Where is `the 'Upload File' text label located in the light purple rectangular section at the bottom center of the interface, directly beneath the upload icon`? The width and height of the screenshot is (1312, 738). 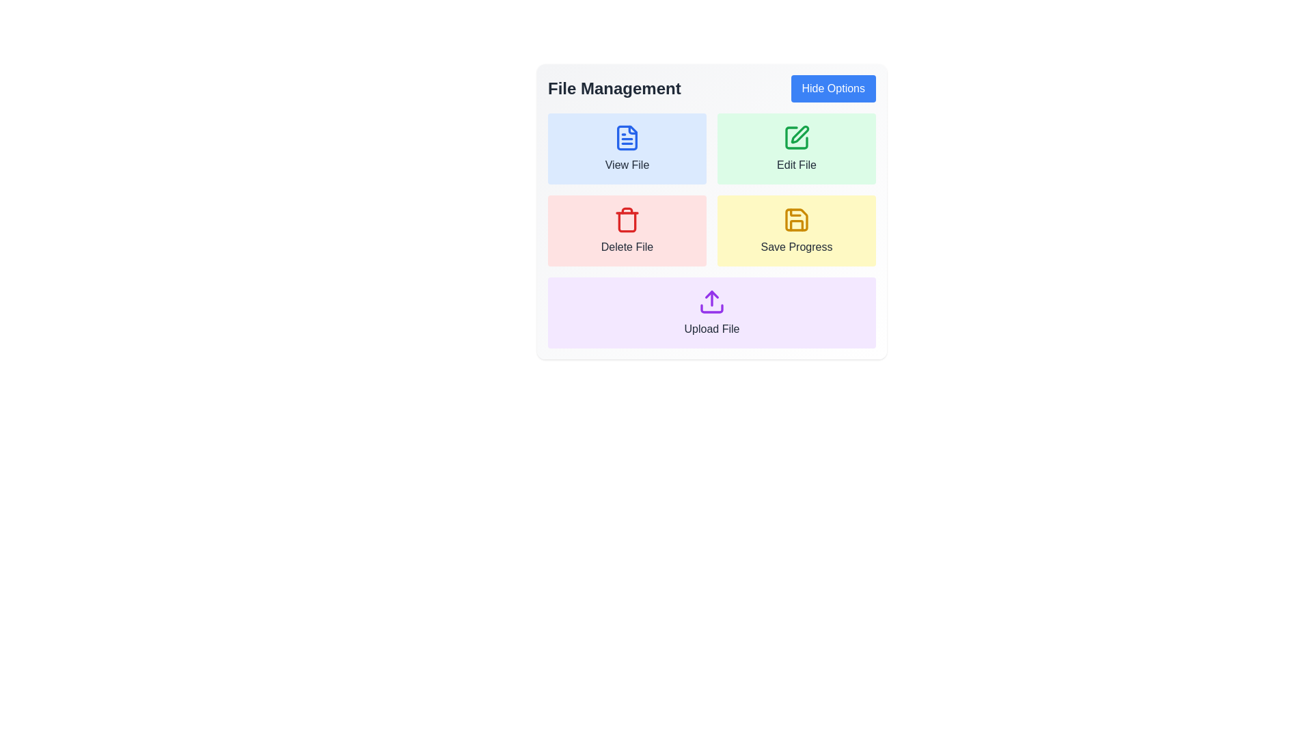 the 'Upload File' text label located in the light purple rectangular section at the bottom center of the interface, directly beneath the upload icon is located at coordinates (711, 329).